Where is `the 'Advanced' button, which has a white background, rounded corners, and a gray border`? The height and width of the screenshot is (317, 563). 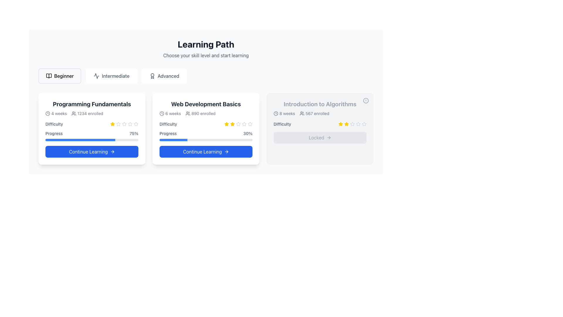
the 'Advanced' button, which has a white background, rounded corners, and a gray border is located at coordinates (164, 75).